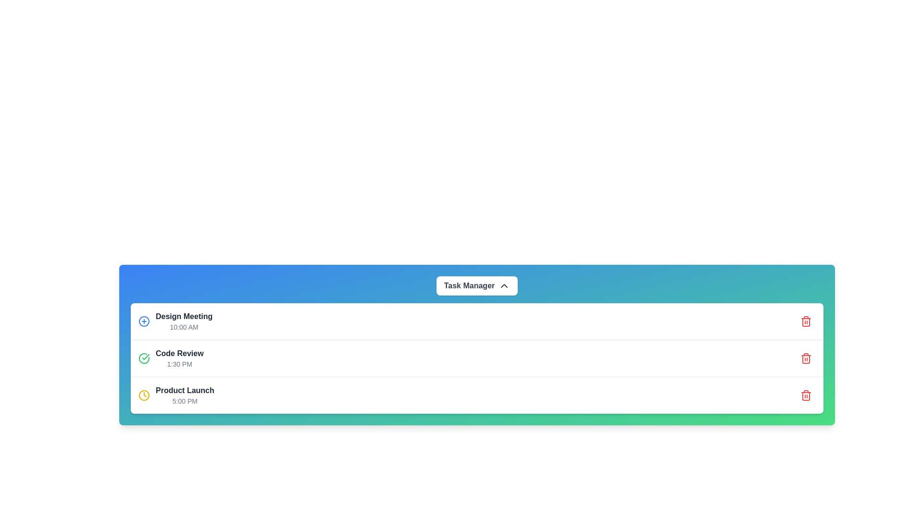 The width and height of the screenshot is (923, 519). Describe the element at coordinates (806, 395) in the screenshot. I see `the delete button represented by a red trash can icon located at the far-right of the bottom-most row in the task card` at that location.